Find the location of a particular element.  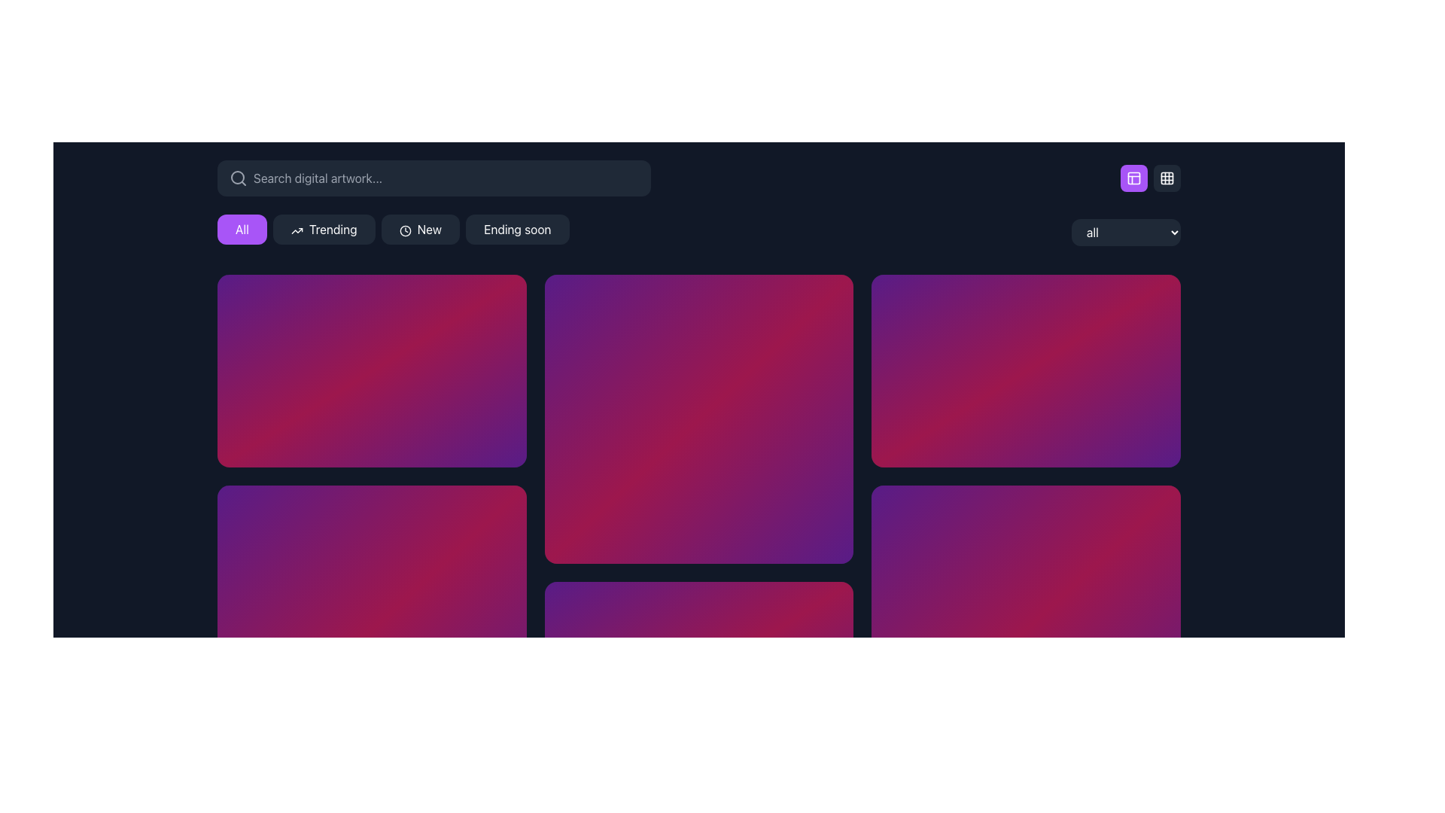

the button located in the top-right corner of the interface is located at coordinates (1166, 177).